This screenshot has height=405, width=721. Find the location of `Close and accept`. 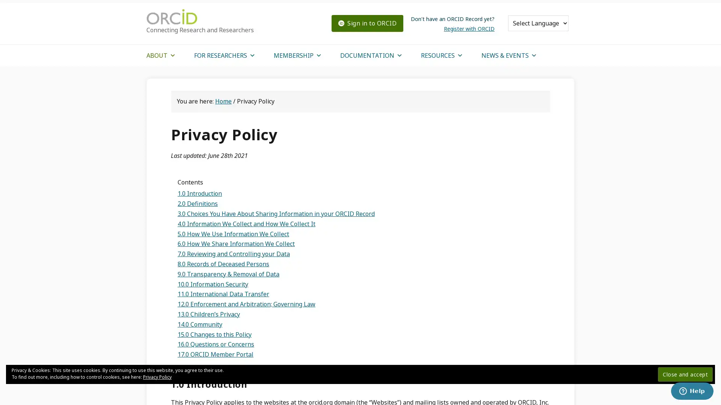

Close and accept is located at coordinates (685, 374).